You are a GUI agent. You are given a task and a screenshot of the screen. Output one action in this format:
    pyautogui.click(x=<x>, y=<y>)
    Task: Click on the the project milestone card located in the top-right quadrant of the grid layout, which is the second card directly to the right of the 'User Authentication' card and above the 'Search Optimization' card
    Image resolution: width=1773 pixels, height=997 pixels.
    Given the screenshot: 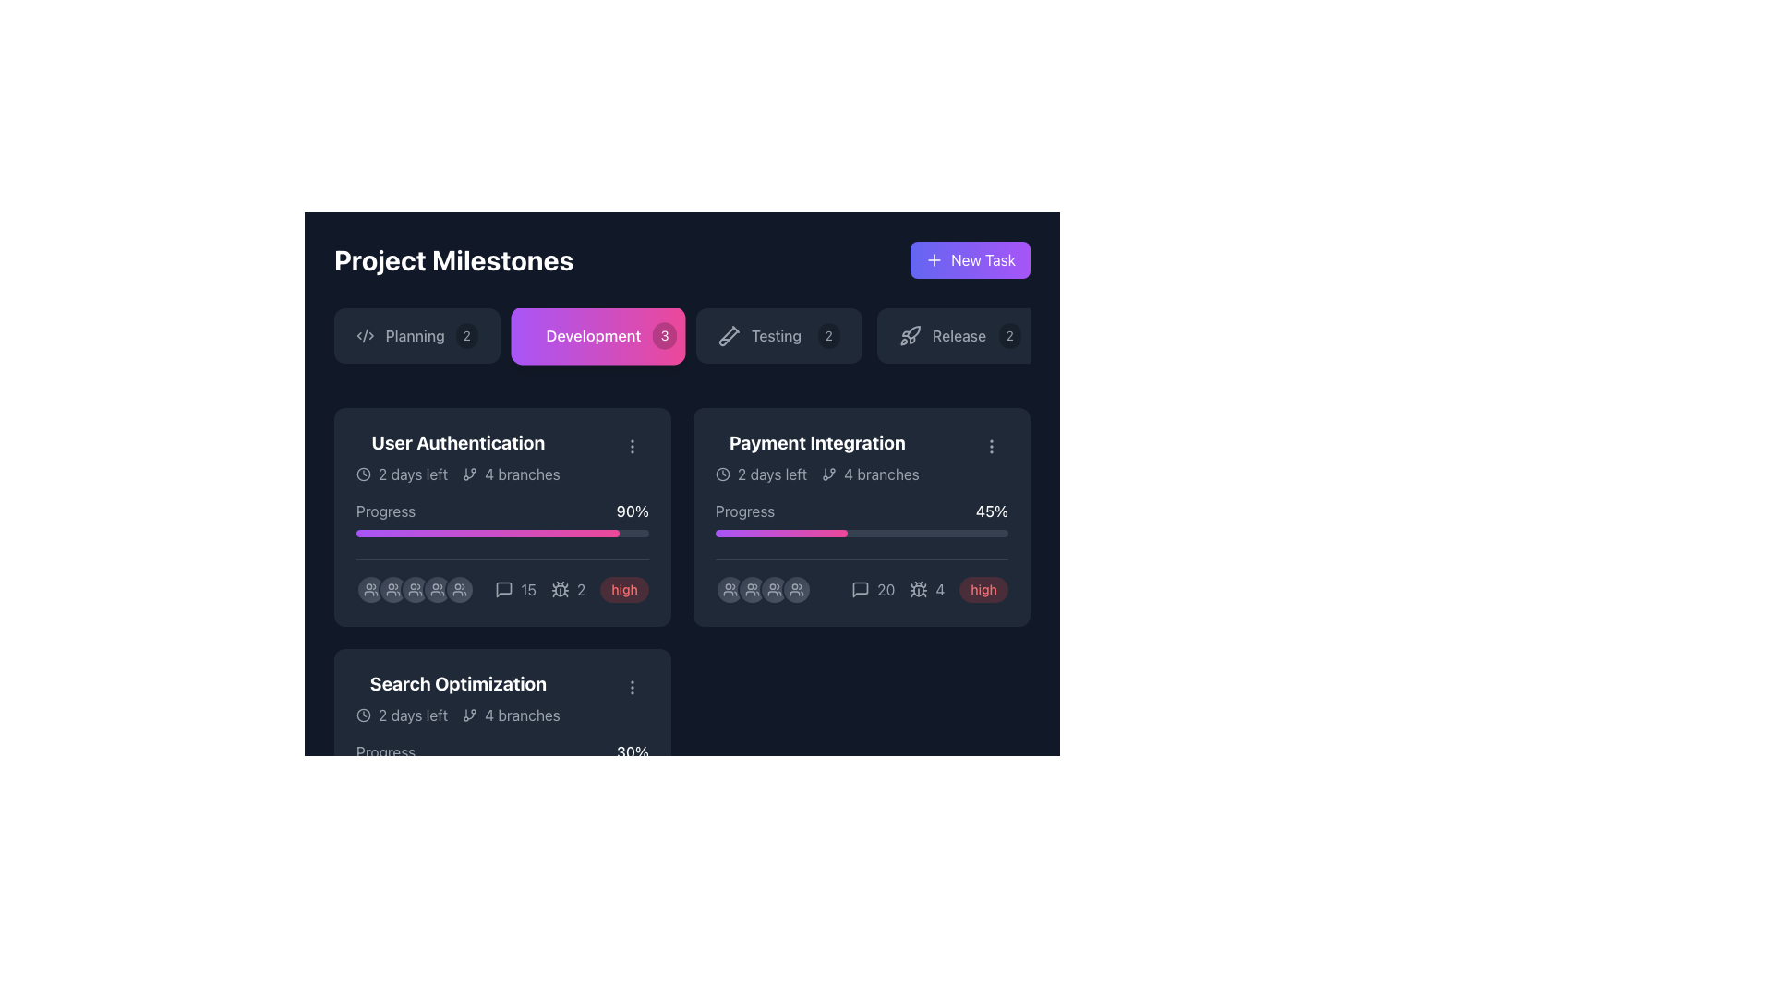 What is the action you would take?
    pyautogui.click(x=861, y=517)
    